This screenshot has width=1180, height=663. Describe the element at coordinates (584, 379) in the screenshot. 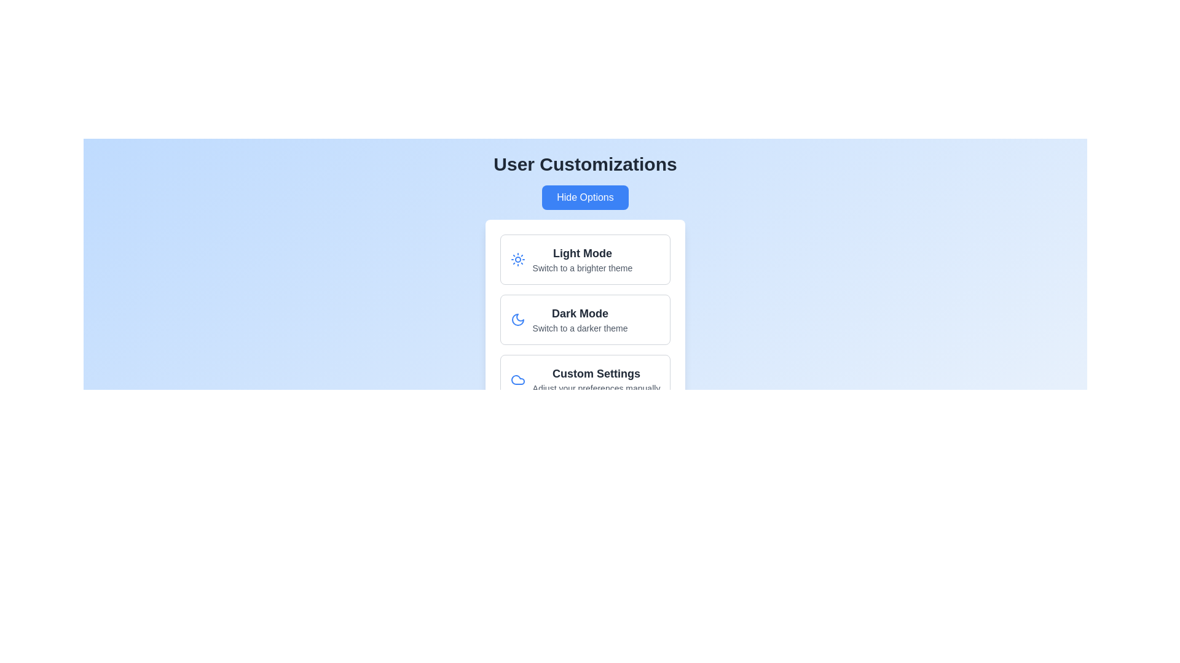

I see `the 'Custom Settings' card to select it` at that location.